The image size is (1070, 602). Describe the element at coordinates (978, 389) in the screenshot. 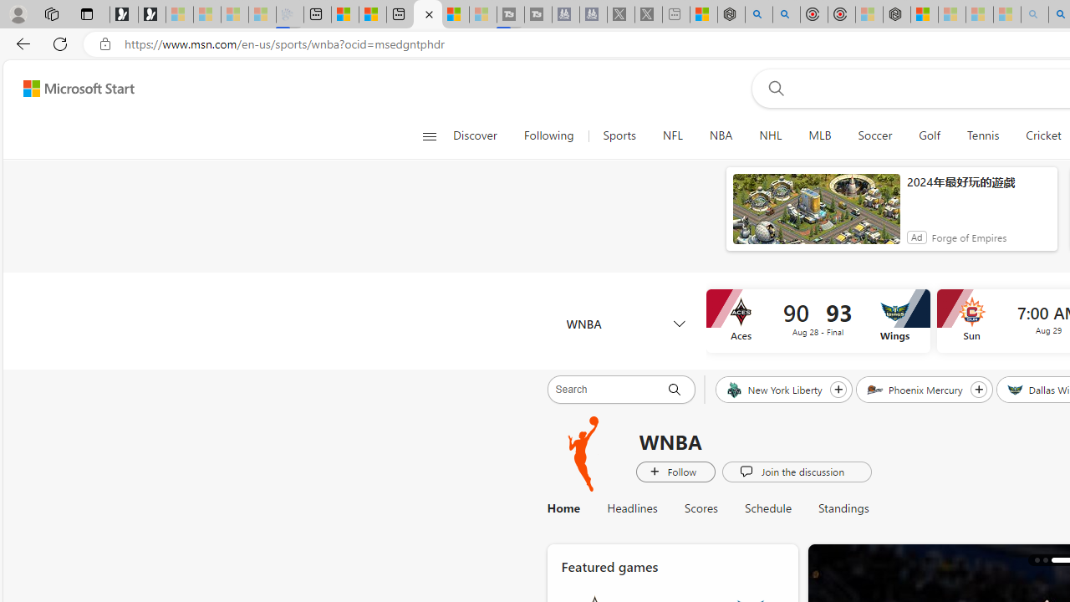

I see `'Follow Phoenix Mercury'` at that location.